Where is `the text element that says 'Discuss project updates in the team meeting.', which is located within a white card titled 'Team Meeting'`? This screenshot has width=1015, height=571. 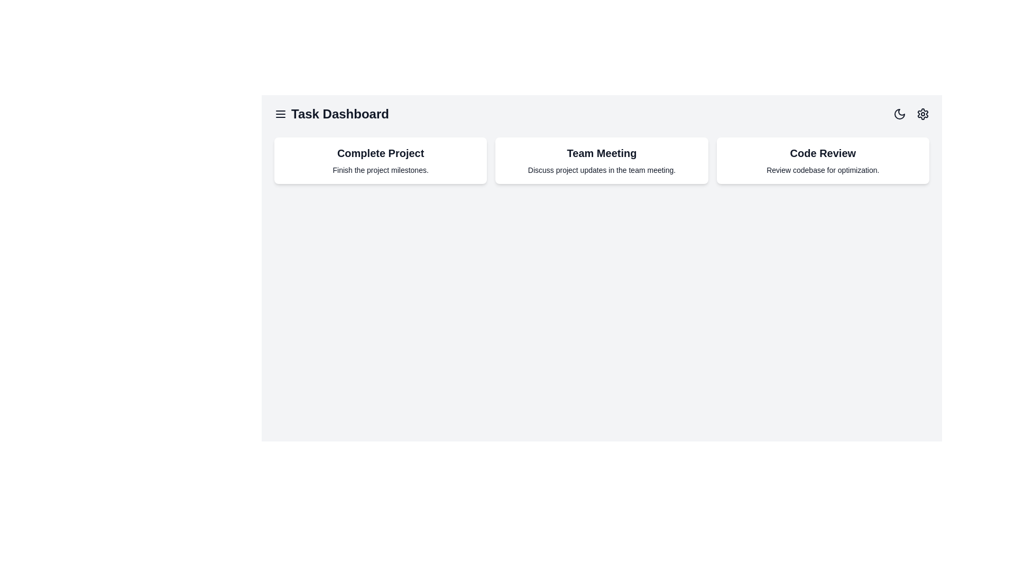 the text element that says 'Discuss project updates in the team meeting.', which is located within a white card titled 'Team Meeting' is located at coordinates (602, 169).